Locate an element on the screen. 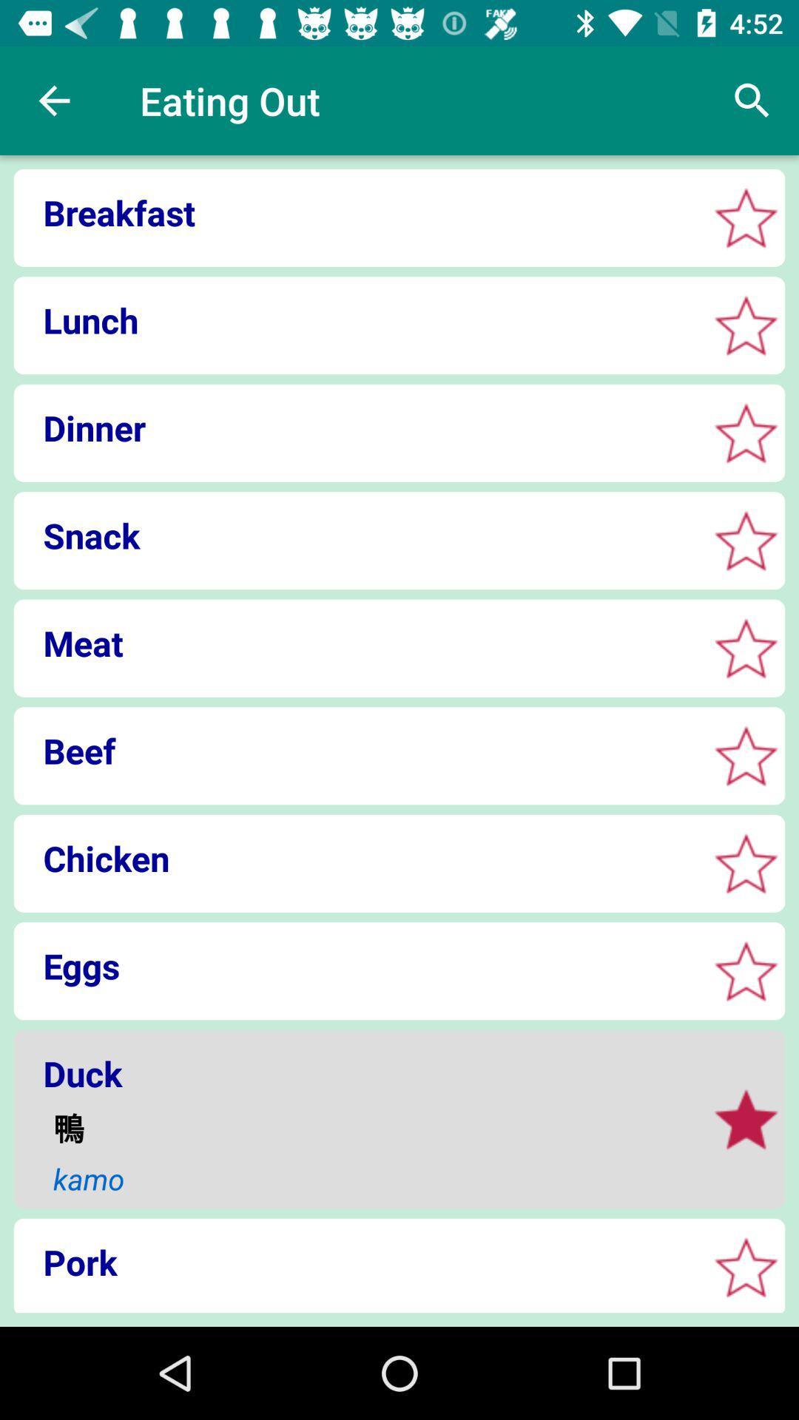 The image size is (799, 1420). the icon above meat is located at coordinates (356, 535).